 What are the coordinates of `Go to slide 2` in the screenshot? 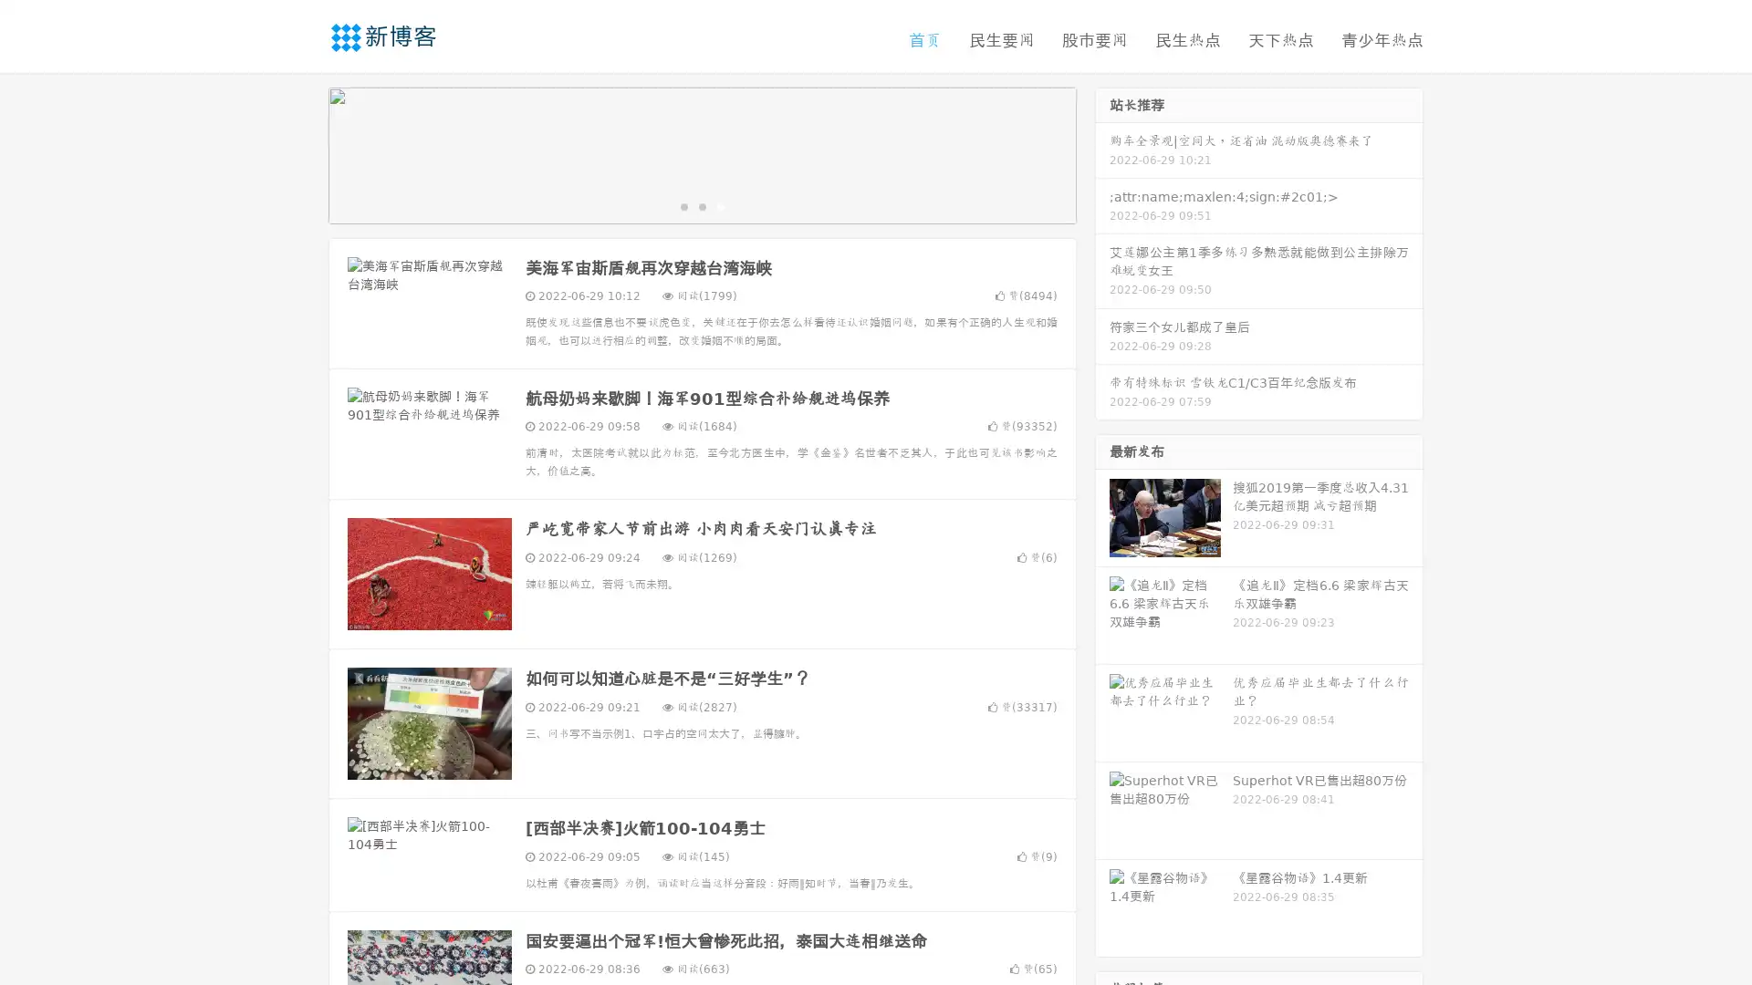 It's located at (701, 205).